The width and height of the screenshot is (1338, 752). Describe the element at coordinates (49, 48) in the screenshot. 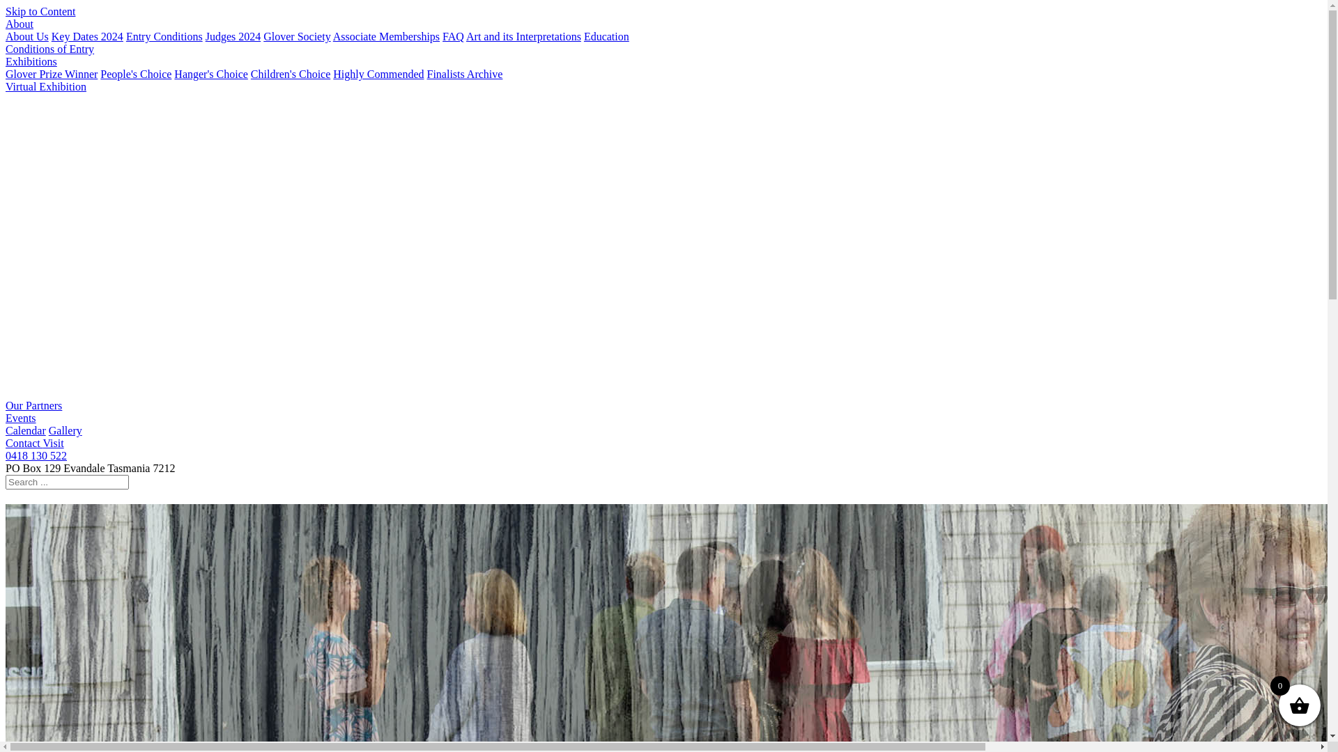

I see `'Conditions of Entry'` at that location.